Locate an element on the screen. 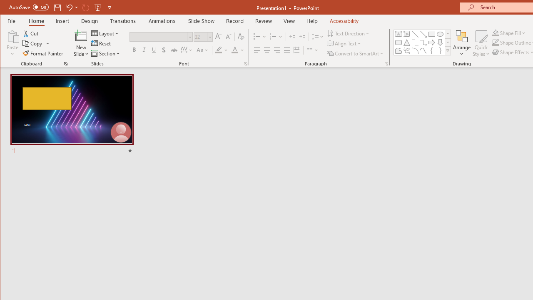 The image size is (533, 300). 'Center' is located at coordinates (266, 50).